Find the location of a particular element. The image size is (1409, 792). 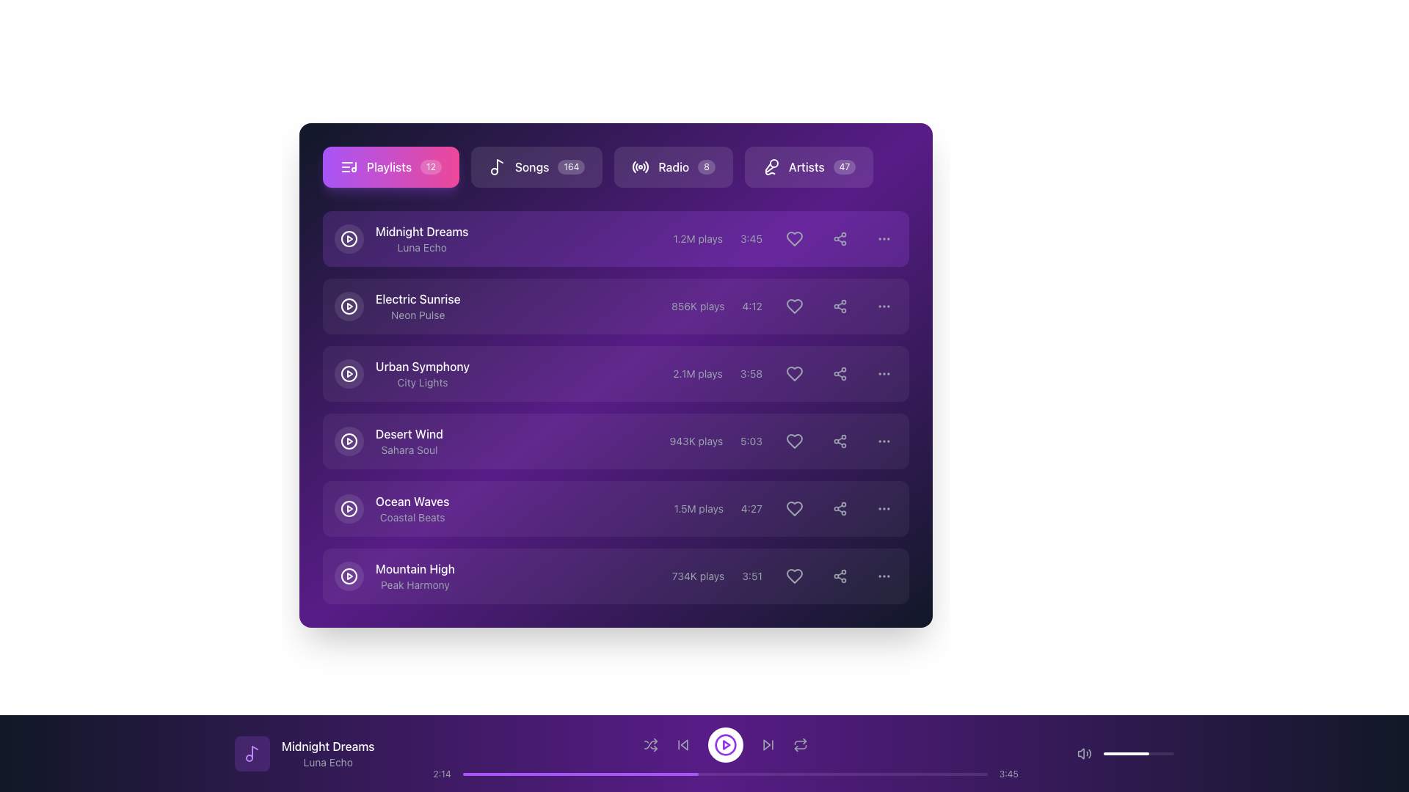

the graphical icon representing a musical note's staff, located in the bottom left corner of the application interface near playback controls is located at coordinates (255, 752).